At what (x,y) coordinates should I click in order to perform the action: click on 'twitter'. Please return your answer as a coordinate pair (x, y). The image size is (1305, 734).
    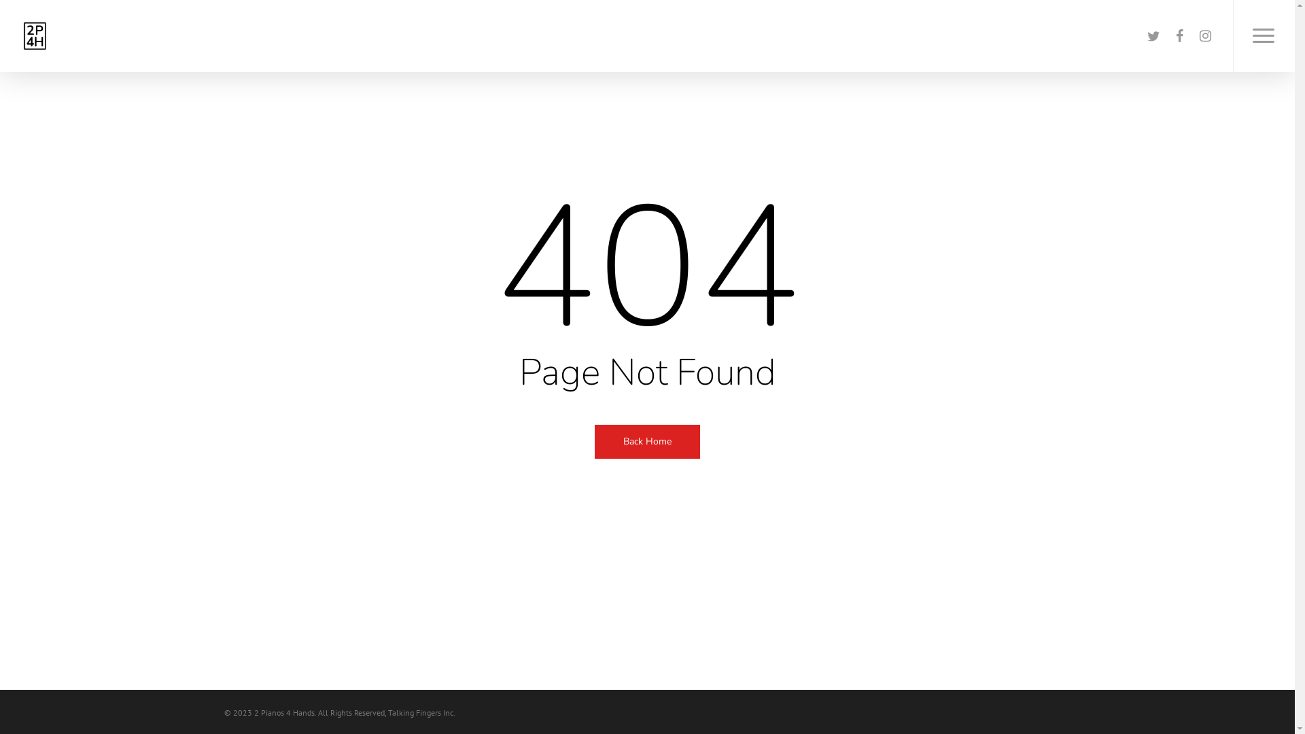
    Looking at the image, I should click on (1141, 35).